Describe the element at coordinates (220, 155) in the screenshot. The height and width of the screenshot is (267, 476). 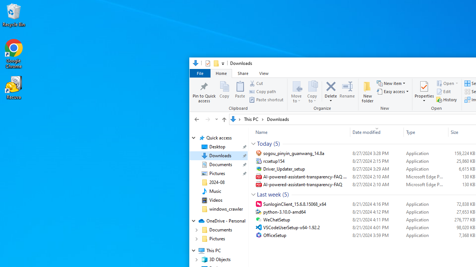
I see `'Downloads (pinned)'` at that location.